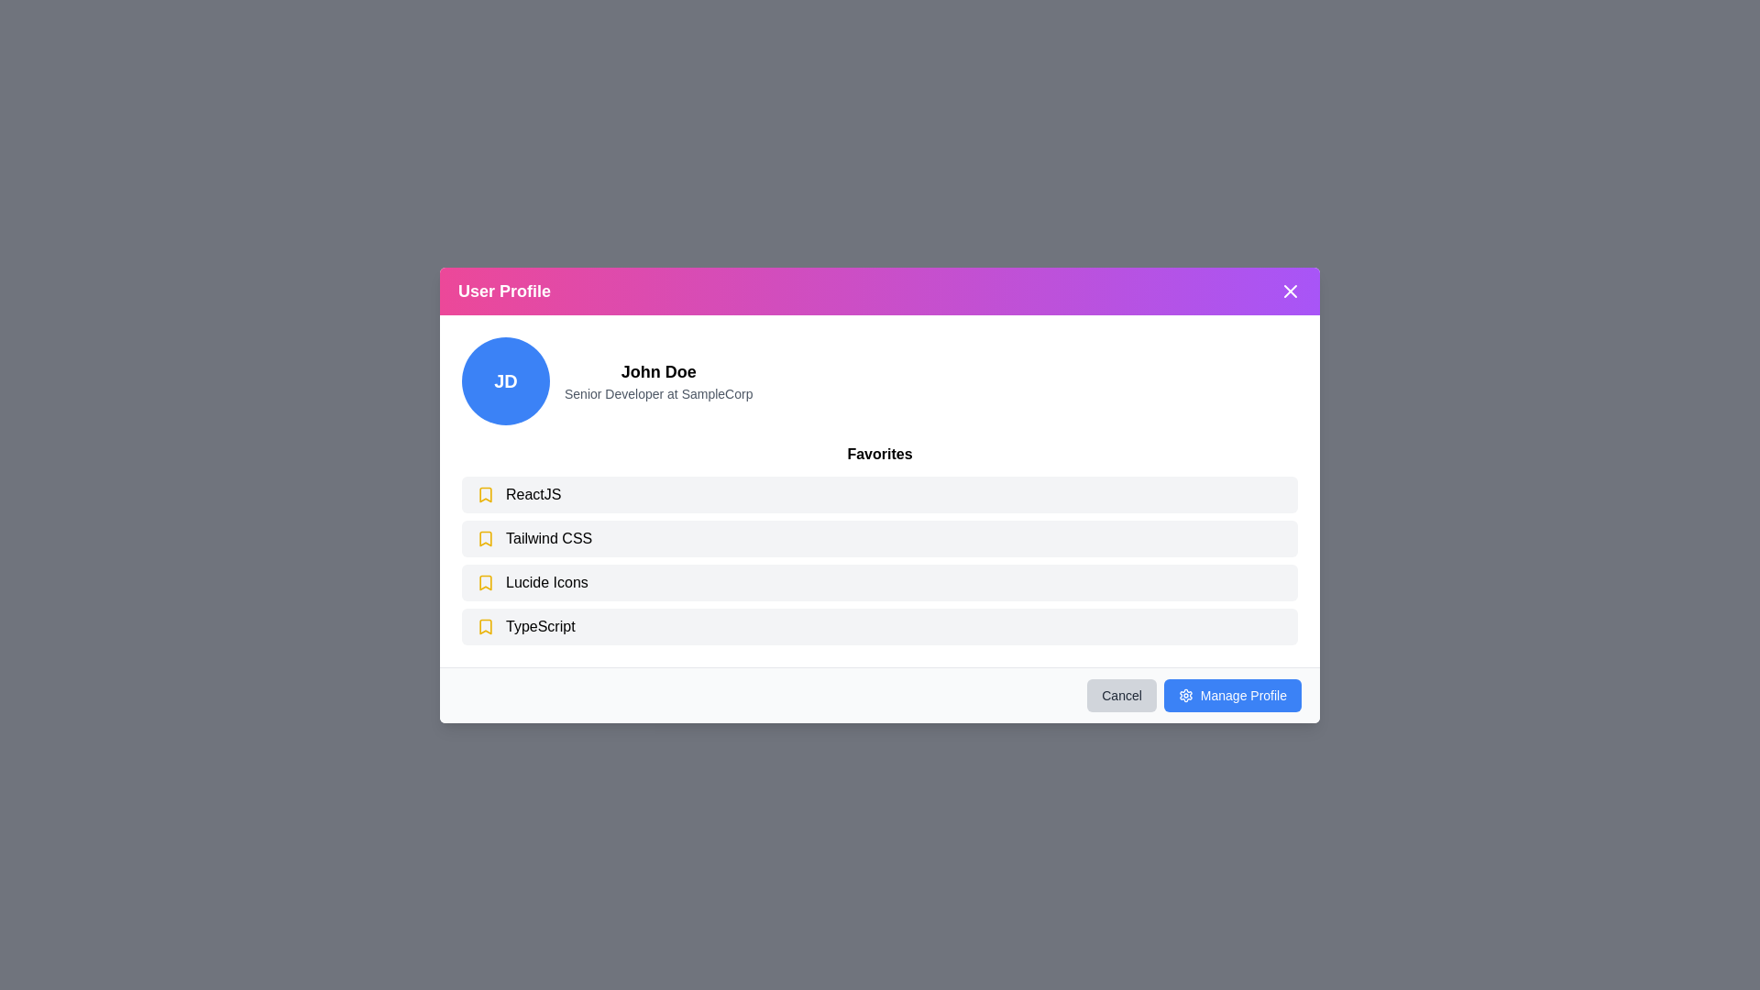 The height and width of the screenshot is (990, 1760). Describe the element at coordinates (485, 582) in the screenshot. I see `the bookmark icon representing 'Lucide Icons' in the 'Favorites' section of the 'User Profile' dialog, which is located at the start of the row labeled 'Lucide Icons'` at that location.